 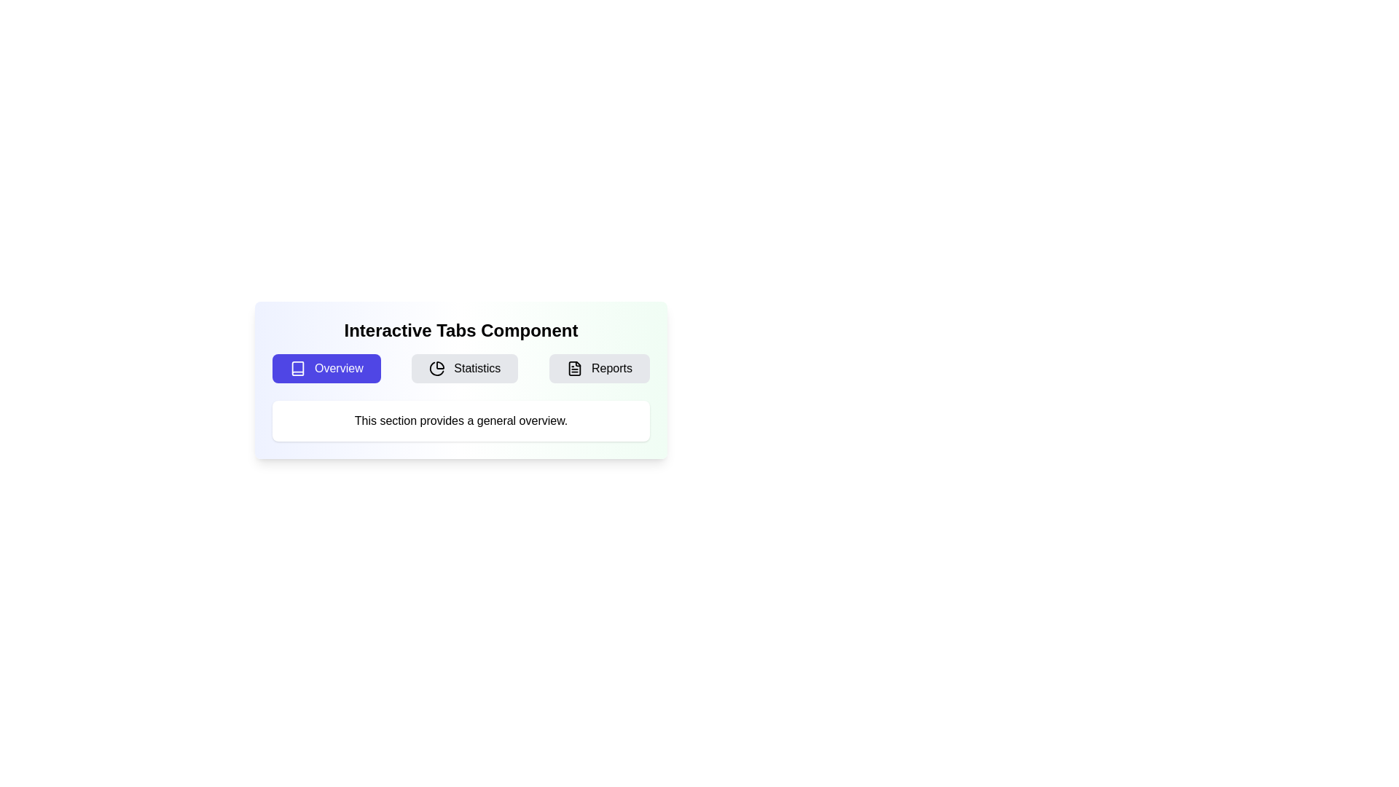 What do you see at coordinates (461, 367) in the screenshot?
I see `the tab bar located directly below the heading 'Interactive Tabs Component' to switch sections among 'Overview', 'Statistics', and 'Reports'` at bounding box center [461, 367].